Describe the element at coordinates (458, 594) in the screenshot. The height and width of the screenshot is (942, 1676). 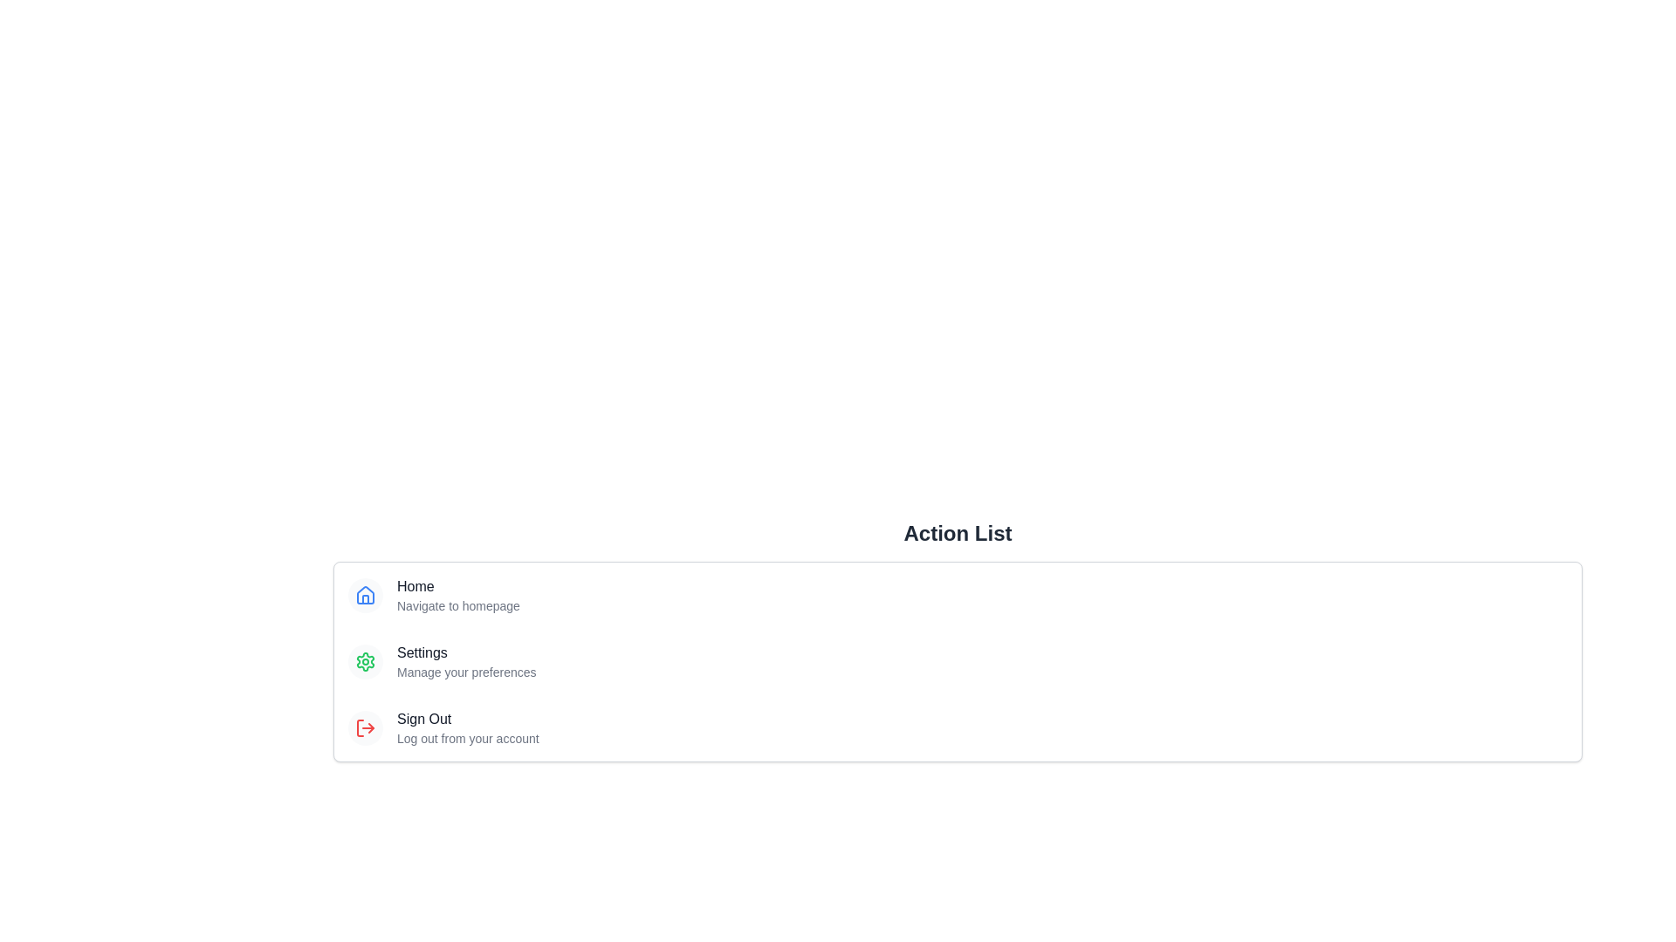
I see `the text block containing the title 'Home' and subtitle 'Navigate to homepage', which is located under the 'Action List' section and aligned with a blue house icon` at that location.